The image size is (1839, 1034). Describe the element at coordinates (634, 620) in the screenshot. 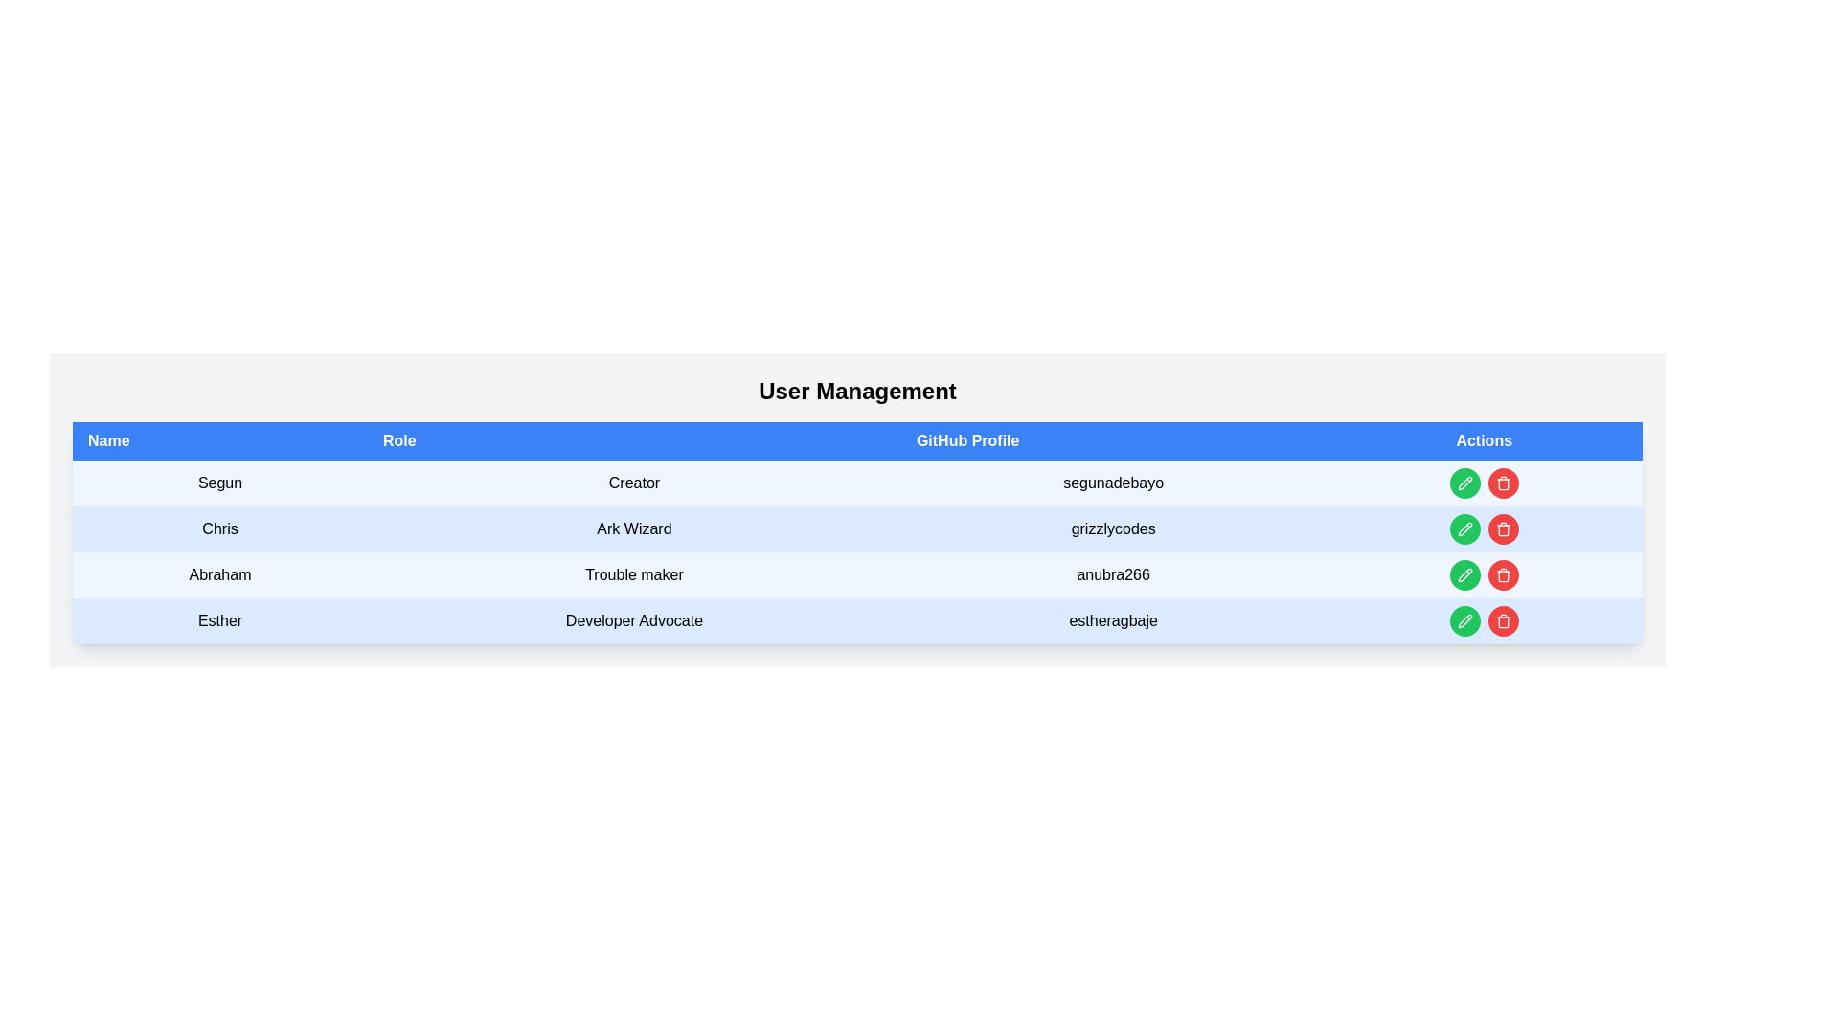

I see `the Text cell in the table that displays the user's role designation, located in the second column of the last row under the 'Role' header, aligned with 'Esther' in the 'Name' column and 'estheragbaje' in the 'GitHub Profile' column` at that location.